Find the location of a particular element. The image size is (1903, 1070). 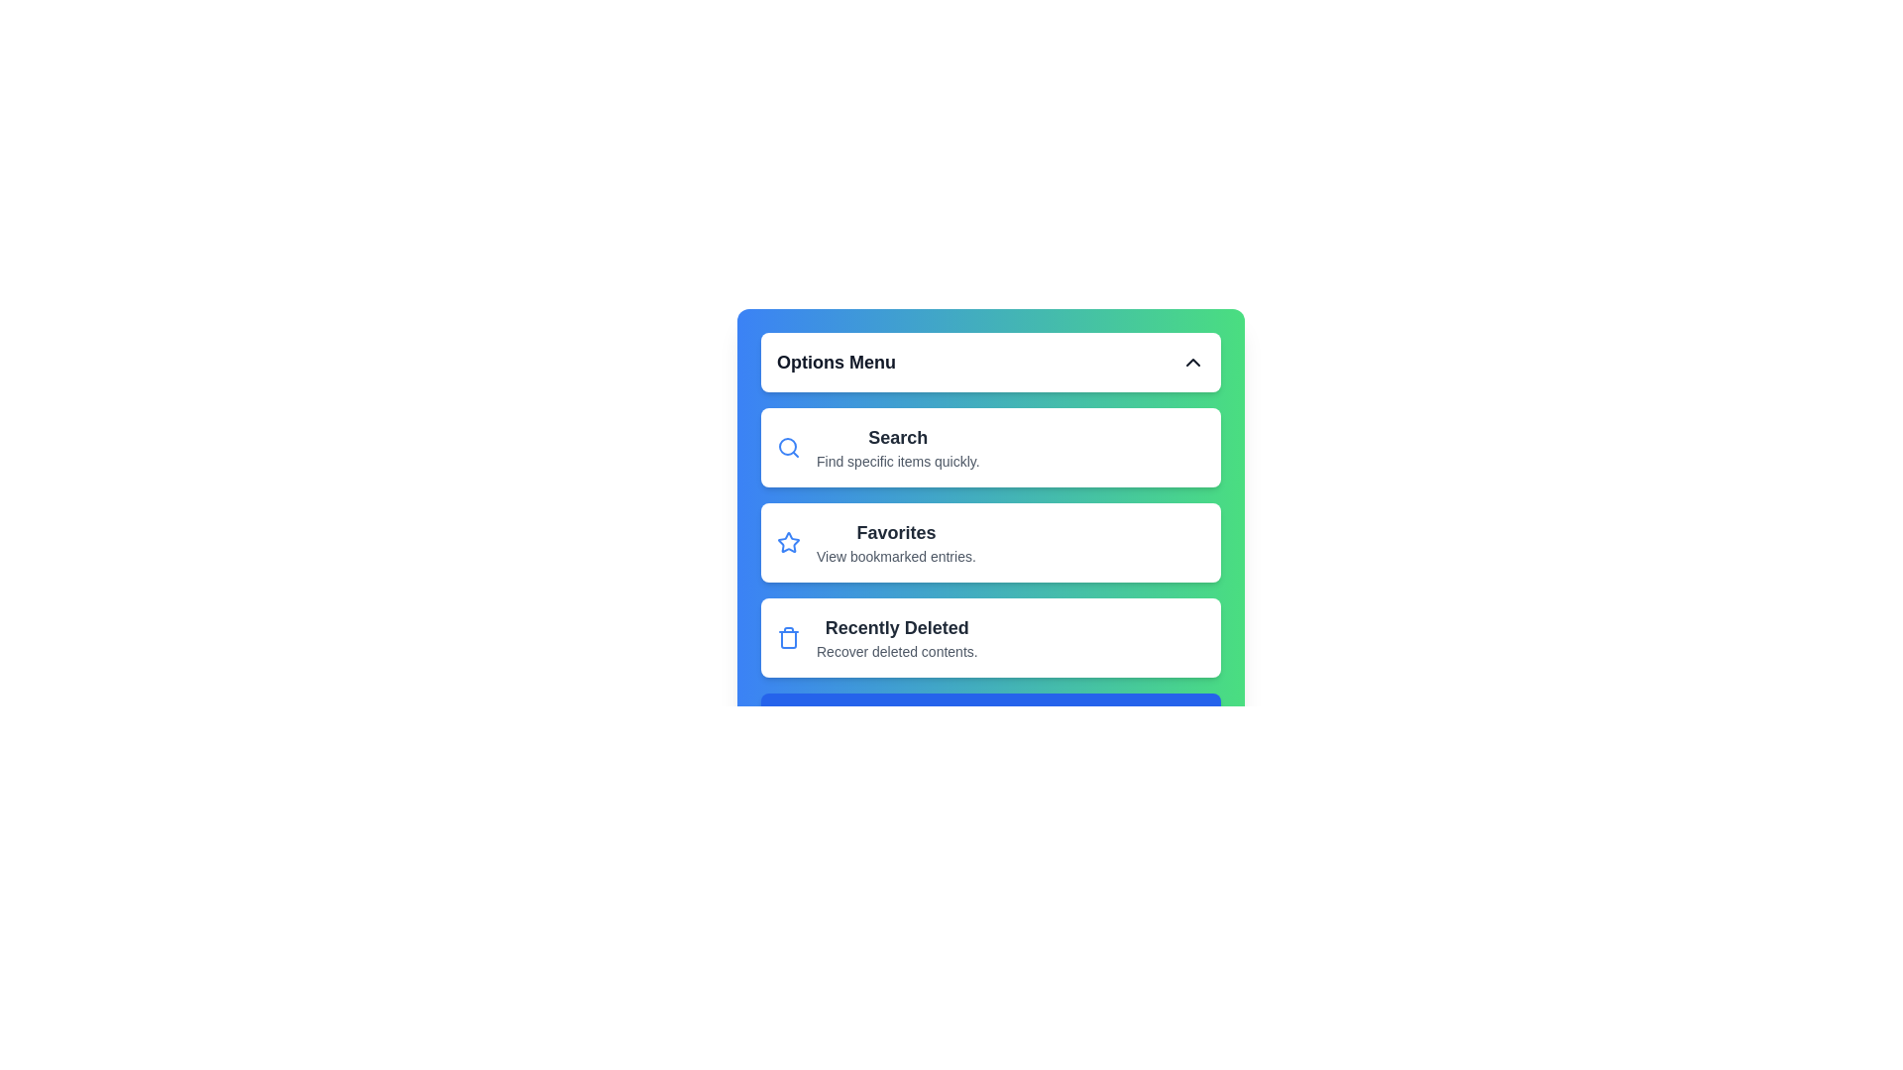

the static text that reads 'Recover deleted contents.' which is styled in gray and located below the 'Recently Deleted' heading in the menu is located at coordinates (896, 652).